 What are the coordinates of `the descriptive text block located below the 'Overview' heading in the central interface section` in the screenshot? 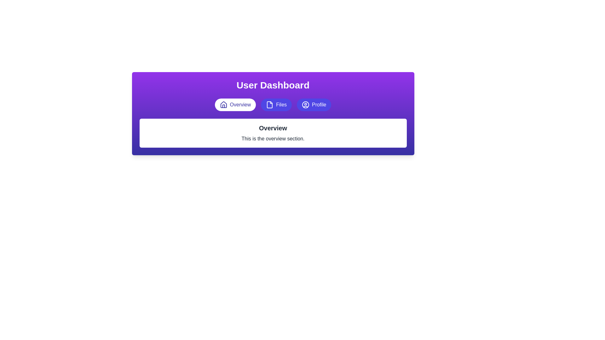 It's located at (273, 138).